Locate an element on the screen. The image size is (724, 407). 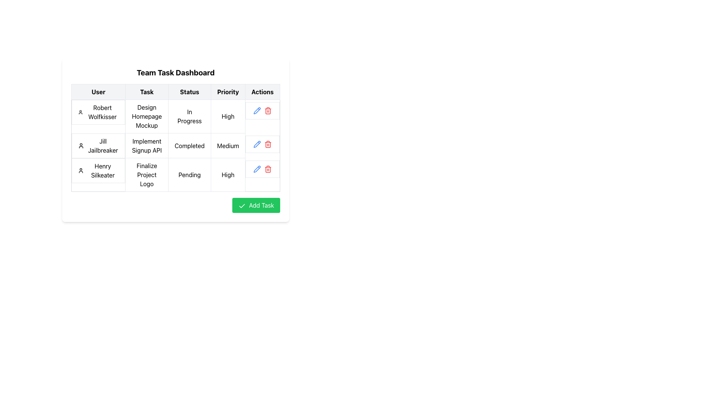
the text label cell containing the text 'High' in bold black font, which is positioned in the third row under the 'Priority' column of the table is located at coordinates (227, 174).